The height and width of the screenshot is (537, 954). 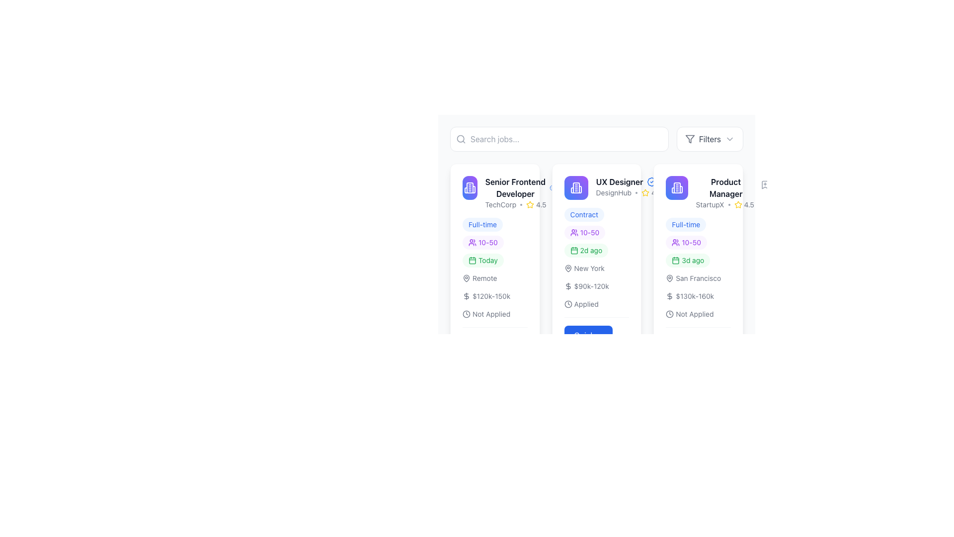 What do you see at coordinates (738, 204) in the screenshot?
I see `star icon representing the rating value of '4.5' for the 'Product Manager' role, located at the top-right of the job card` at bounding box center [738, 204].